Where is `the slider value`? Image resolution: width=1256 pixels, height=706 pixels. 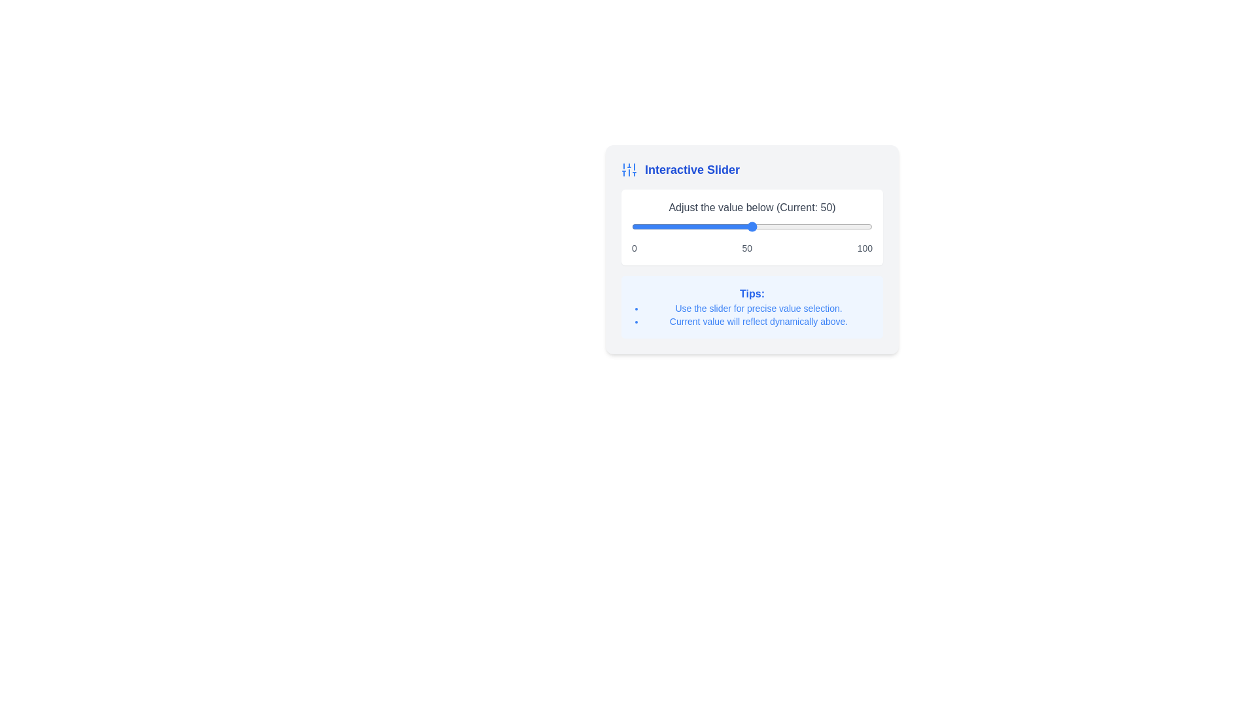
the slider value is located at coordinates (693, 226).